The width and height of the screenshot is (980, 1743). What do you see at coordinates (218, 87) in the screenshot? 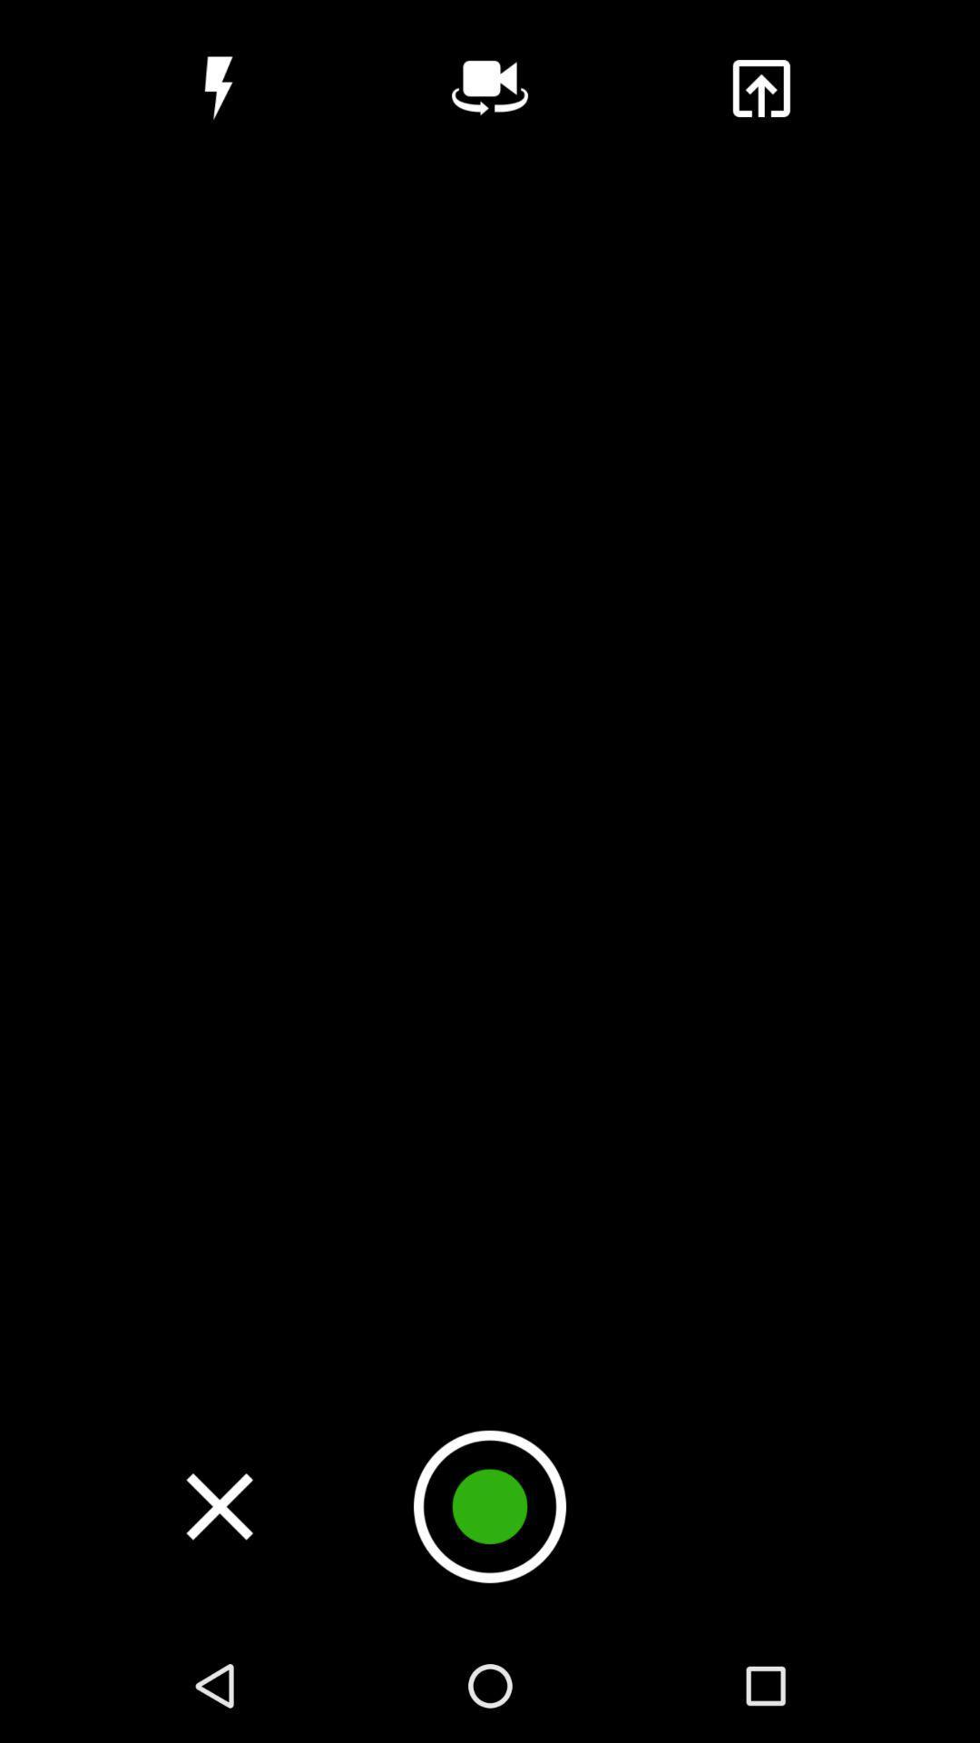
I see `item at the top left corner` at bounding box center [218, 87].